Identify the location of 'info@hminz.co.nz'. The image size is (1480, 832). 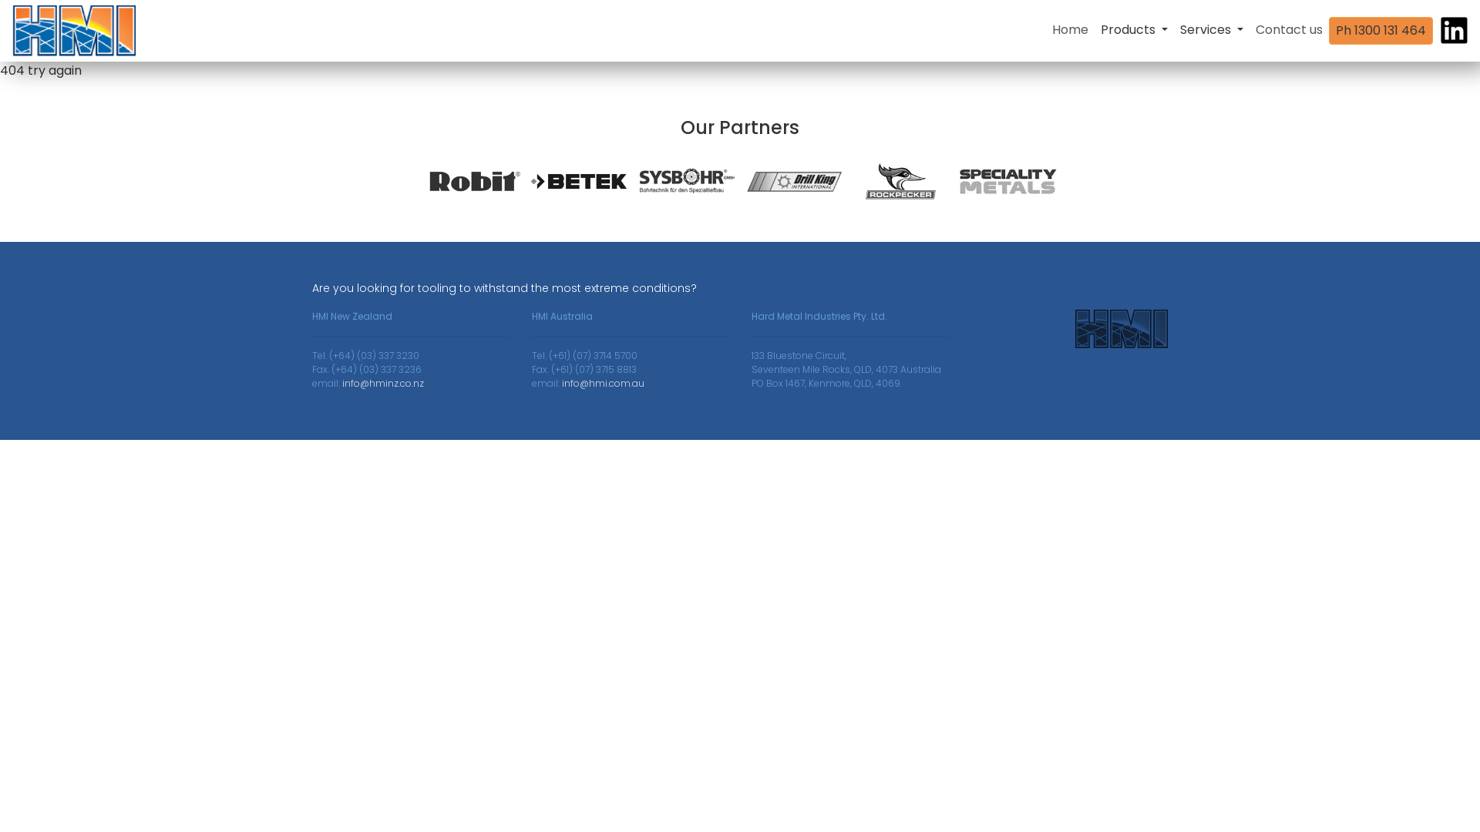
(383, 382).